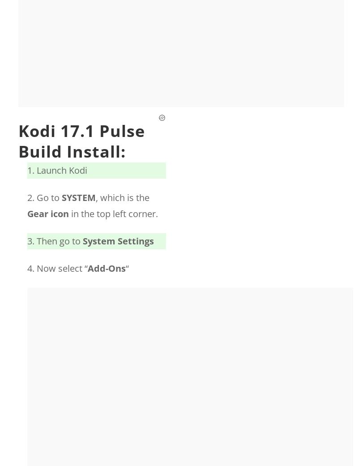 This screenshot has height=466, width=362. Describe the element at coordinates (61, 268) in the screenshot. I see `'Now select “'` at that location.